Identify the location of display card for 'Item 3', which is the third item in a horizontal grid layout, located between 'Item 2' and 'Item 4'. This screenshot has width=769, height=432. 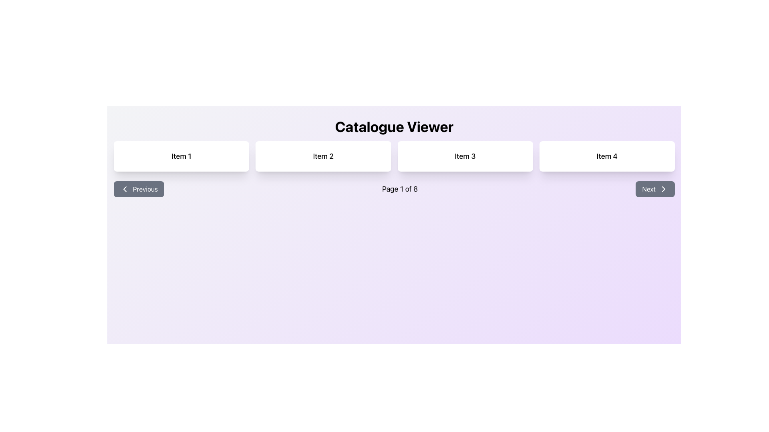
(465, 156).